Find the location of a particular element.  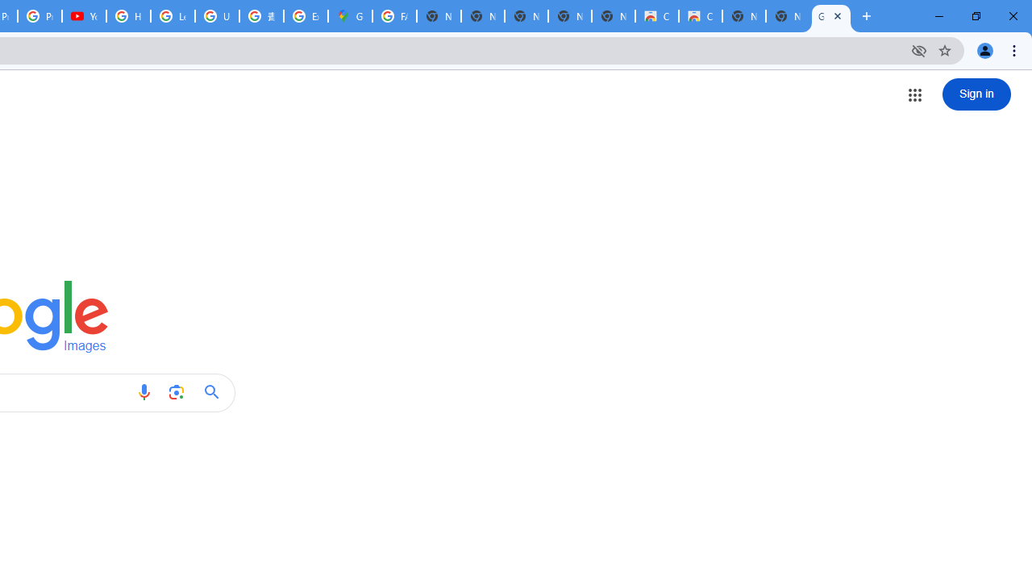

'YouTube' is located at coordinates (83, 16).